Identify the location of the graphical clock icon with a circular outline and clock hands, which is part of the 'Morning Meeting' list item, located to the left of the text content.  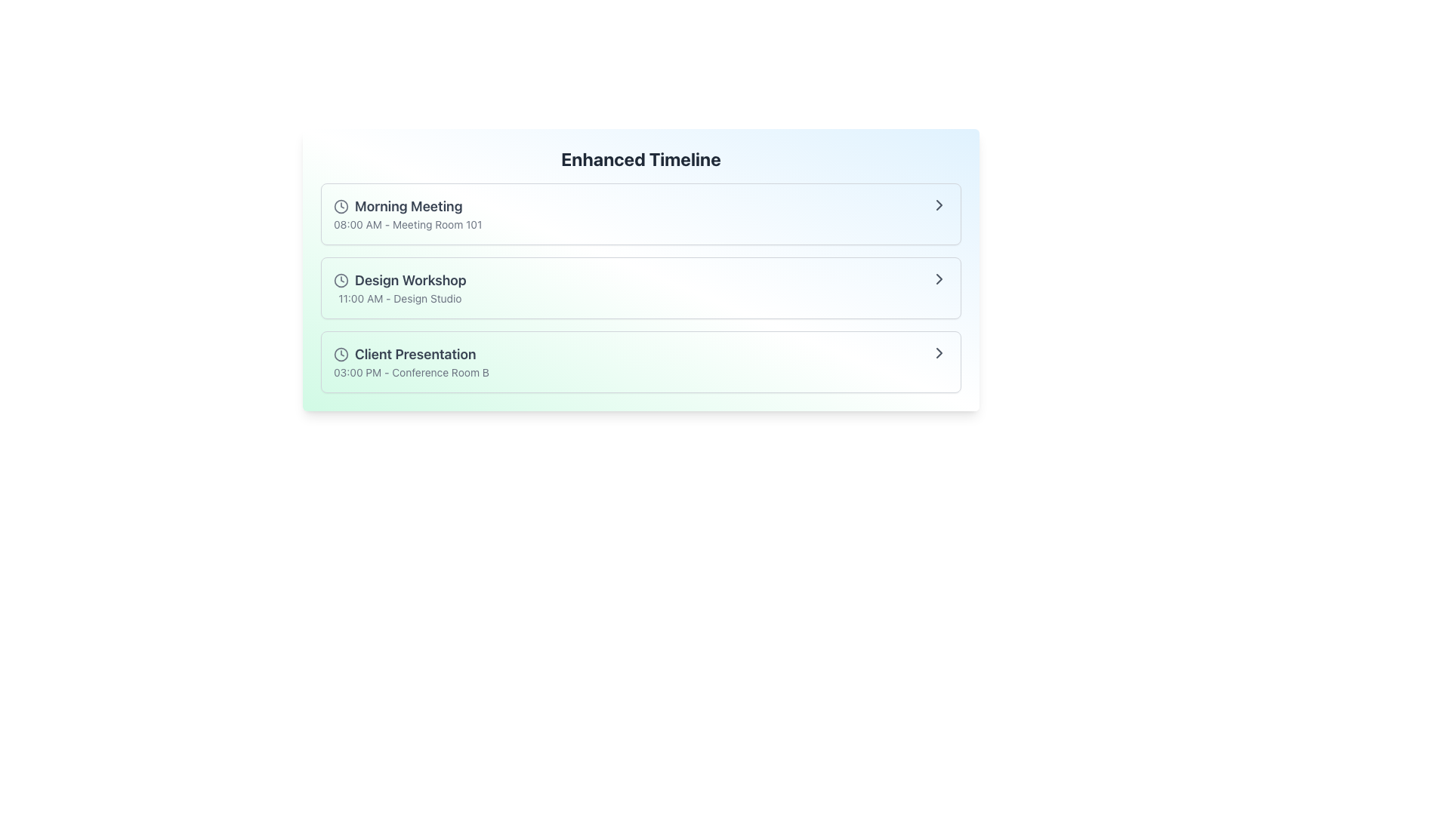
(340, 206).